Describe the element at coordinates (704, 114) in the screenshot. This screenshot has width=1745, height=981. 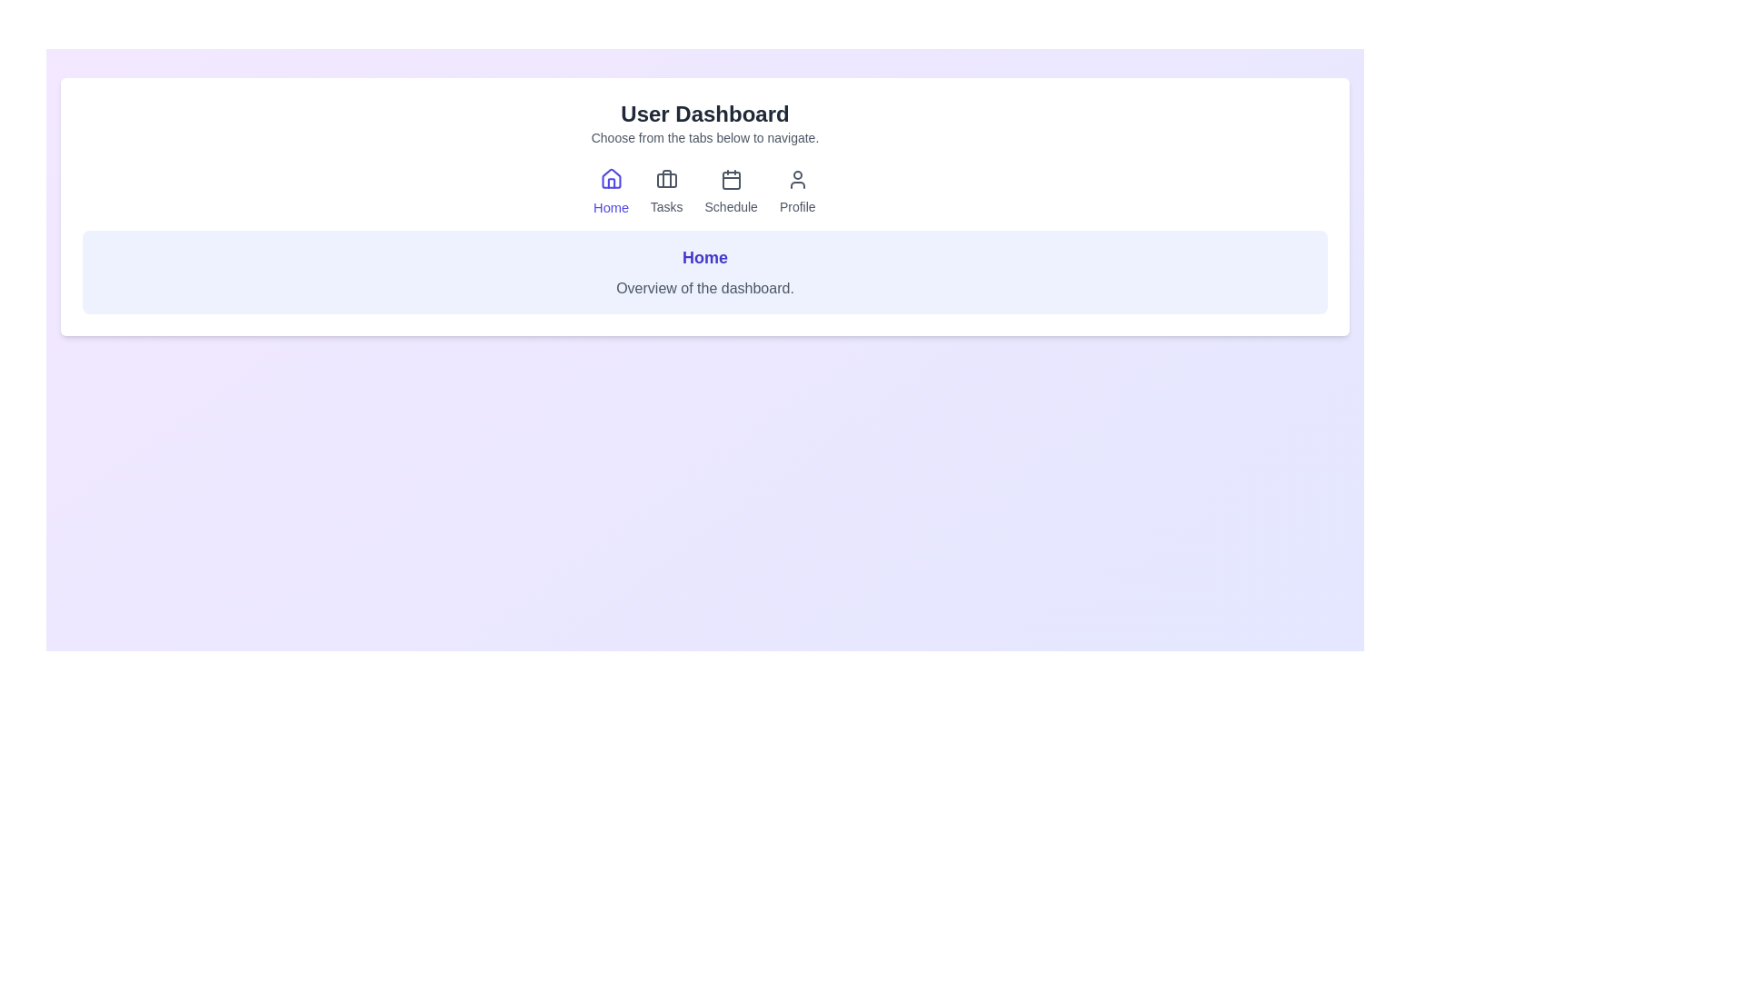
I see `the 'User Dashboard' title label located at the top center of the page to provide context for users regarding the content and purpose of the page` at that location.